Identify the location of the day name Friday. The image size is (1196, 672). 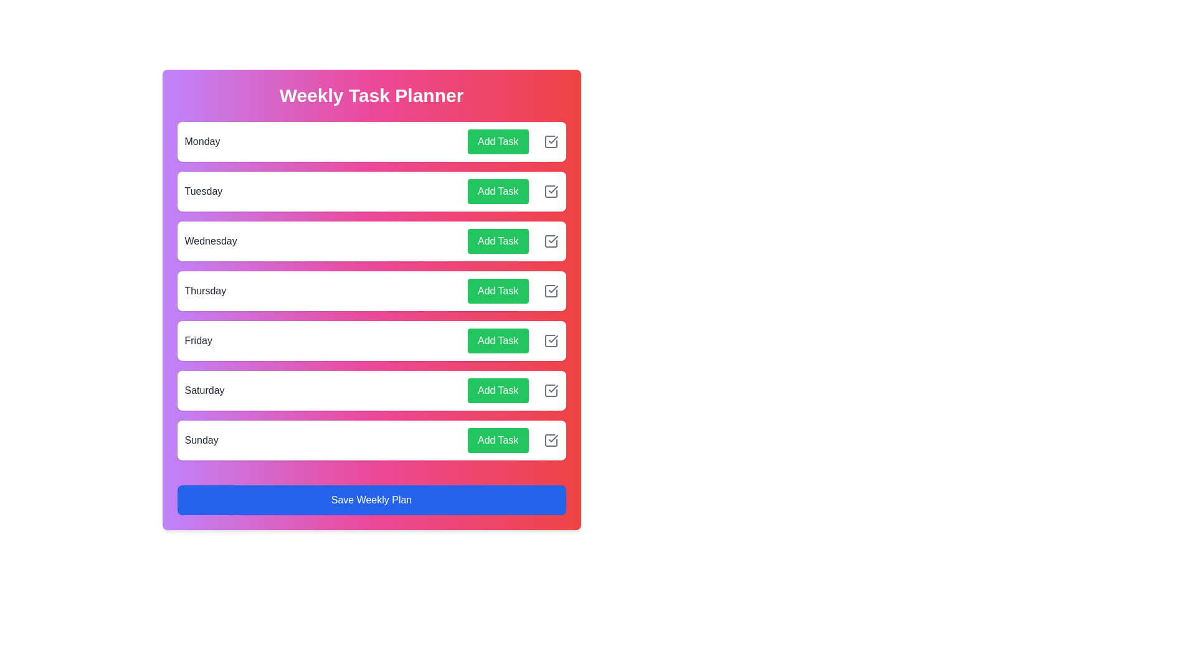
(197, 340).